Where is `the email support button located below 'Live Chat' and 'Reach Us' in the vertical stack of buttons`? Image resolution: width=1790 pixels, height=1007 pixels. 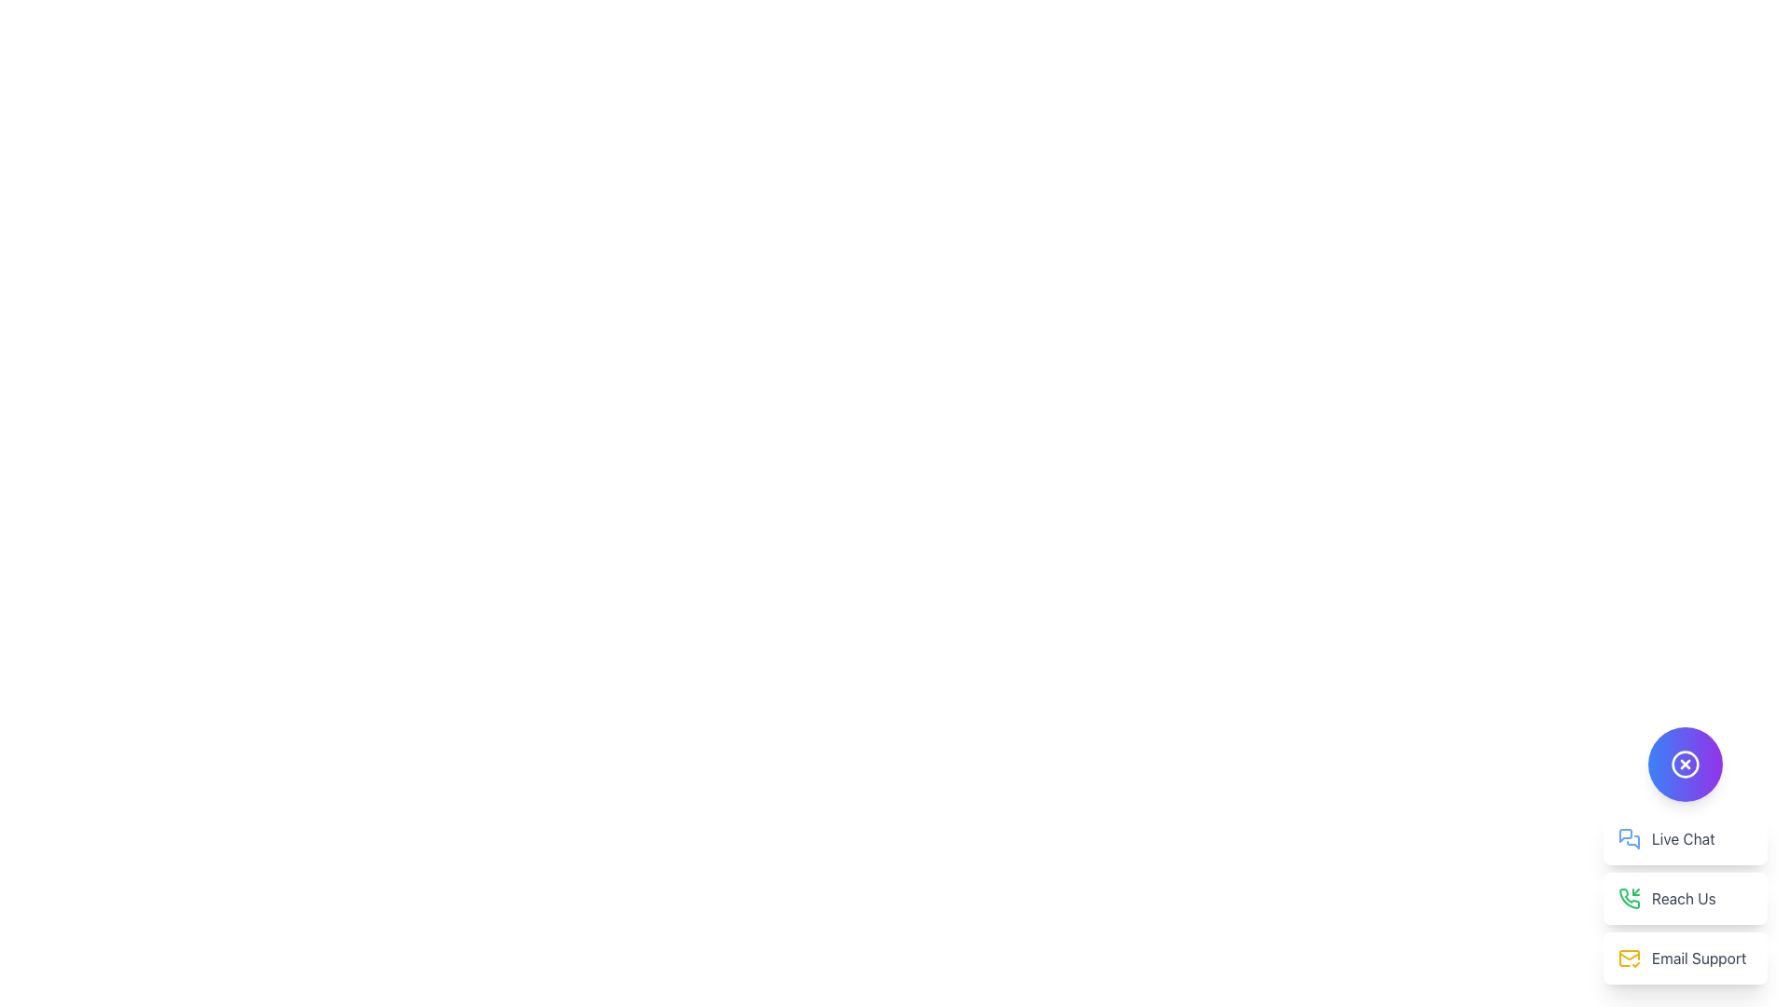 the email support button located below 'Live Chat' and 'Reach Us' in the vertical stack of buttons is located at coordinates (1686, 959).